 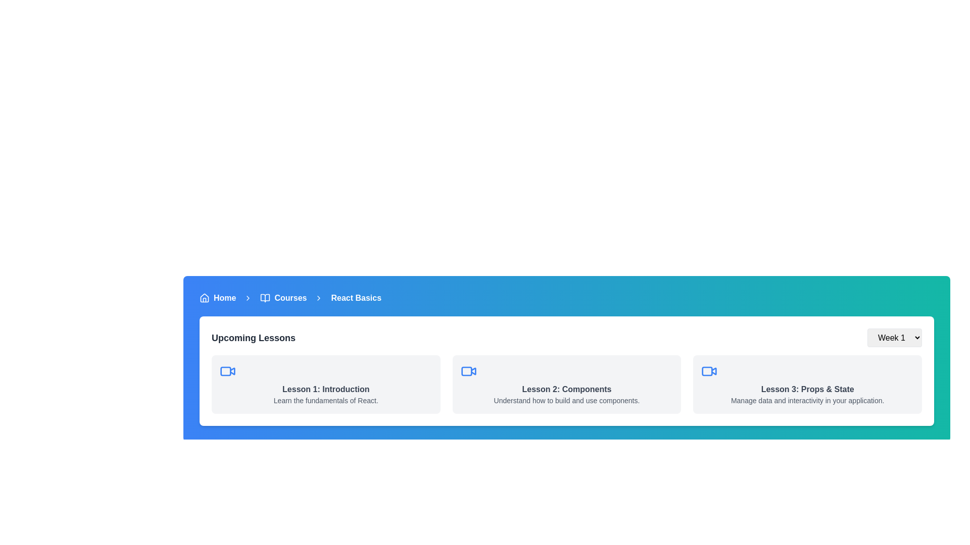 What do you see at coordinates (807, 400) in the screenshot?
I see `the text element that displays 'Manage data and interactivity in your application.' located beneath the bold title in the card-like block titled 'Lesson 3: Props & State'` at bounding box center [807, 400].